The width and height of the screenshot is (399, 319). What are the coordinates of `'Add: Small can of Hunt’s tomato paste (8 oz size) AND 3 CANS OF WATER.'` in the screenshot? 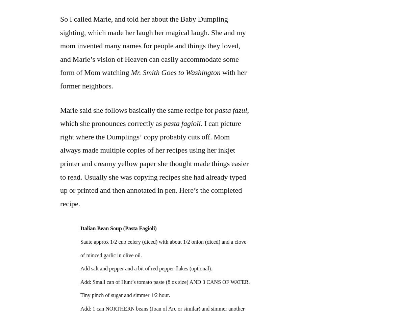 It's located at (80, 282).